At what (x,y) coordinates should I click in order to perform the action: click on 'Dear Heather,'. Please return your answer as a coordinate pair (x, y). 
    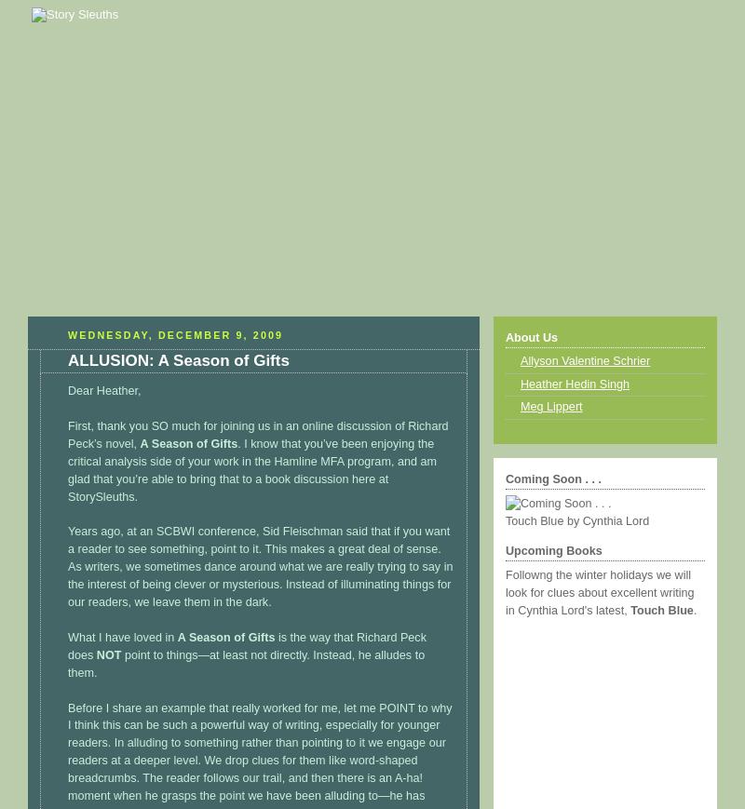
    Looking at the image, I should click on (103, 389).